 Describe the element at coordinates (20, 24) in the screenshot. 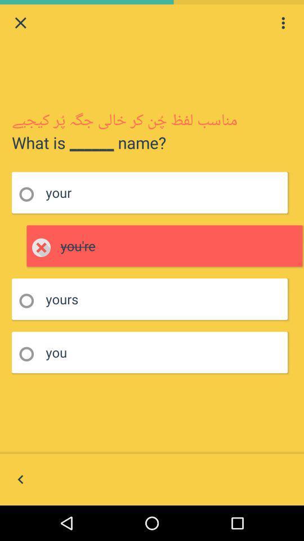

I see `the close icon` at that location.